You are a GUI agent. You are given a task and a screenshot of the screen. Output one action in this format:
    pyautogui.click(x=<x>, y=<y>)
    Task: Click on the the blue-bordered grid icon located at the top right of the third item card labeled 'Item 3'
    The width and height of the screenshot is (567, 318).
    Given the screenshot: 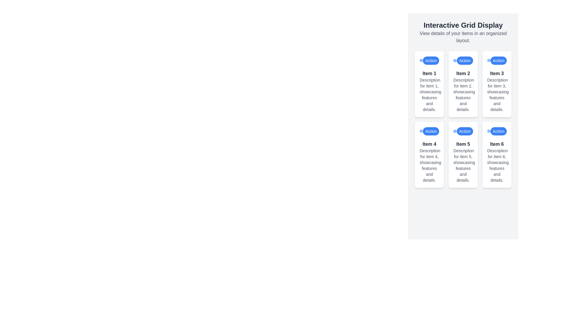 What is the action you would take?
    pyautogui.click(x=489, y=60)
    